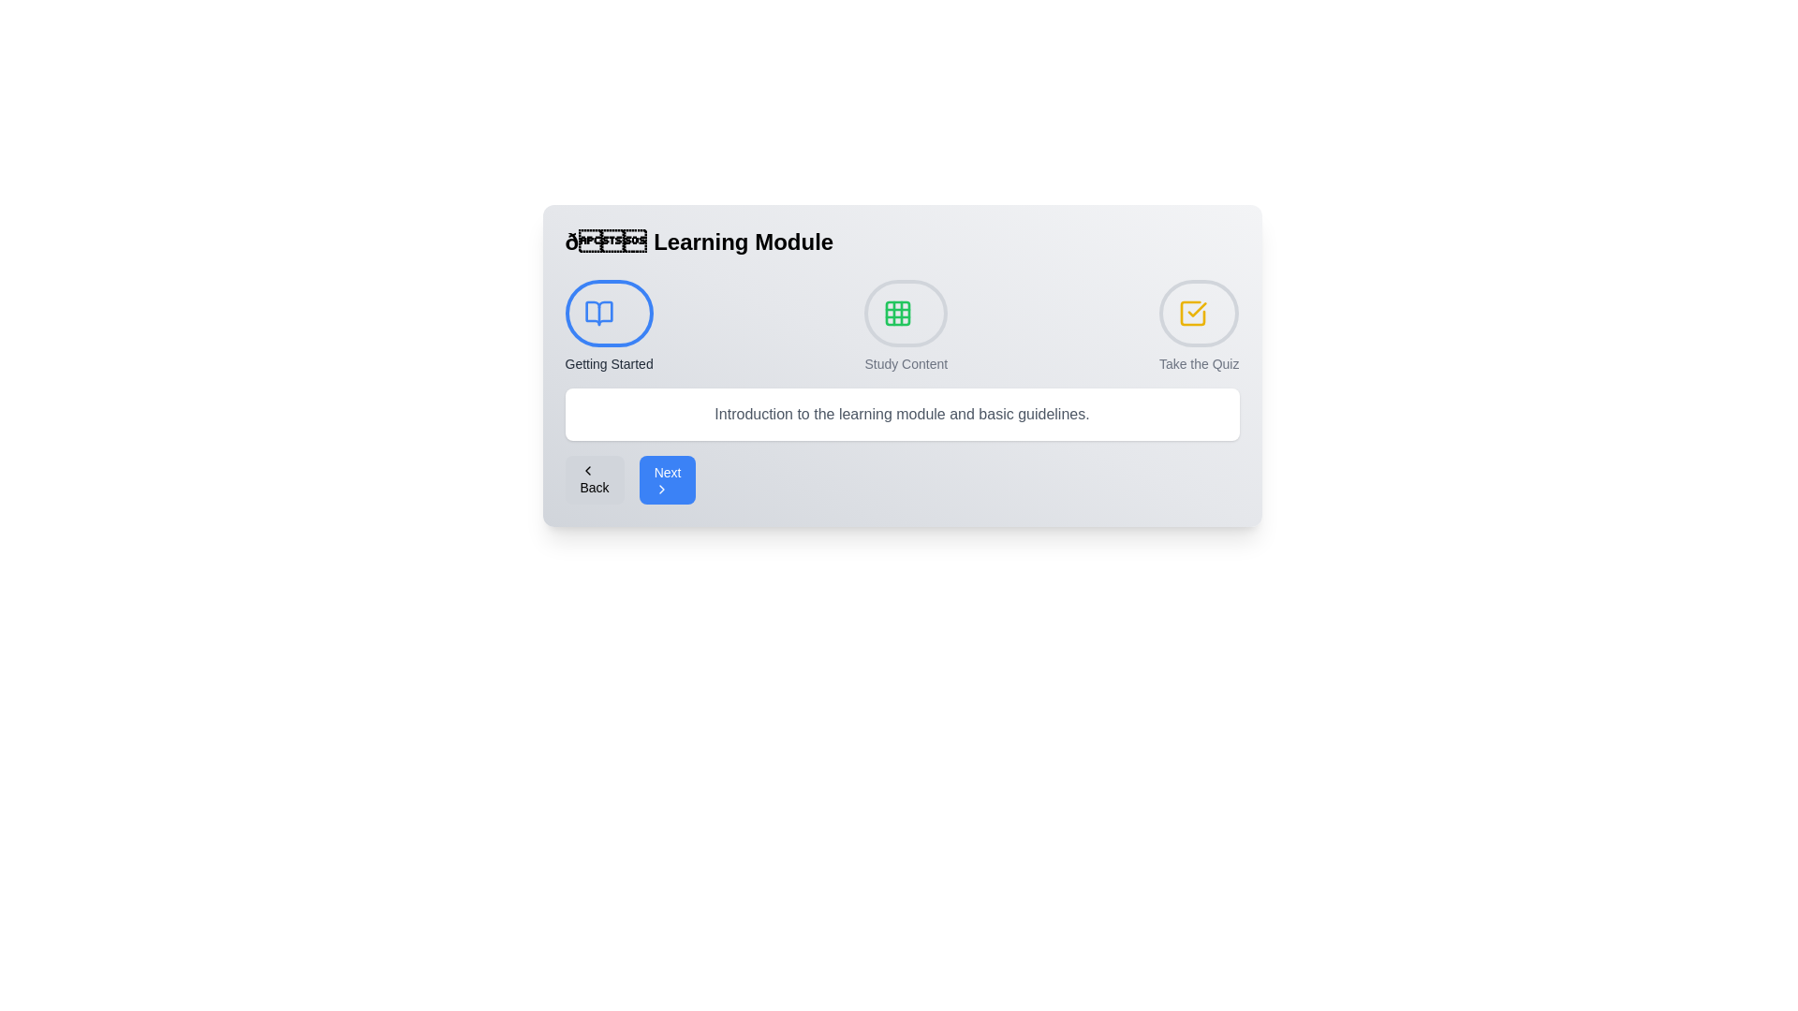  Describe the element at coordinates (905, 313) in the screenshot. I see `the step indicator for Study Content to navigate to that step` at that location.